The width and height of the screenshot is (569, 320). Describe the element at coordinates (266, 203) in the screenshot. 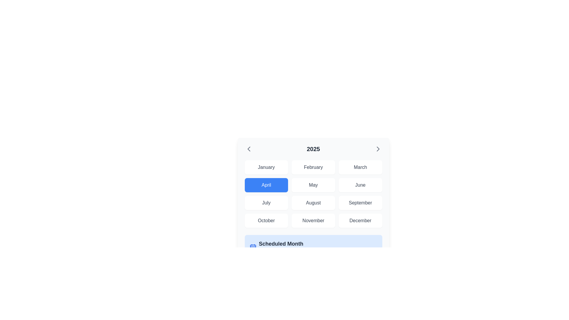

I see `the text display 'July' in the third row and first column of the grid` at that location.